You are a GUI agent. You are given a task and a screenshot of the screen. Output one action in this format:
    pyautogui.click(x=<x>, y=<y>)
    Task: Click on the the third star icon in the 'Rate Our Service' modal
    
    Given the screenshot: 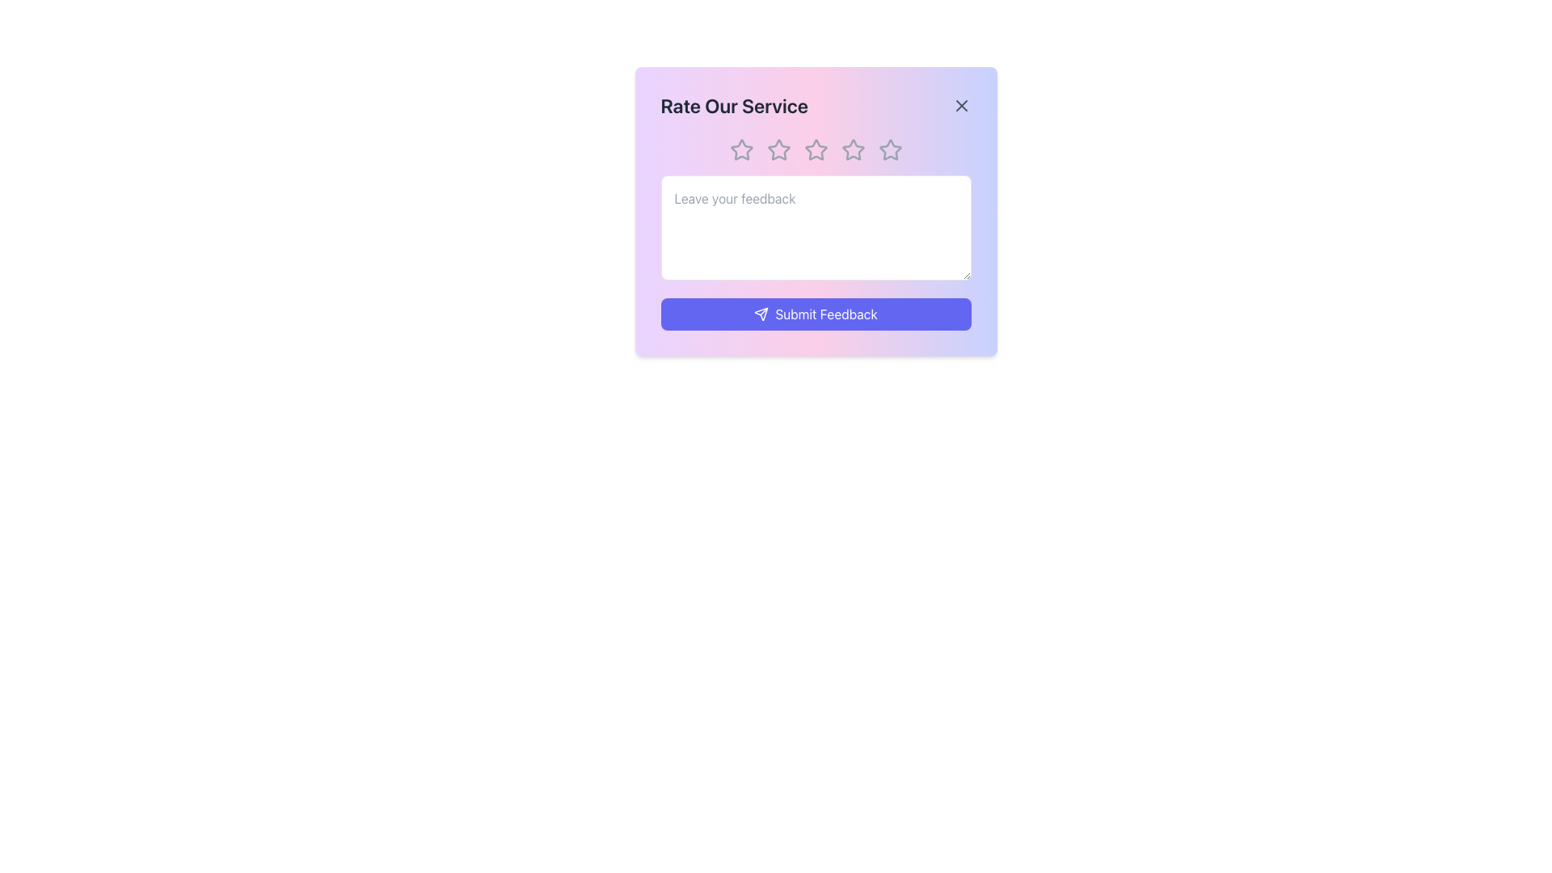 What is the action you would take?
    pyautogui.click(x=852, y=150)
    